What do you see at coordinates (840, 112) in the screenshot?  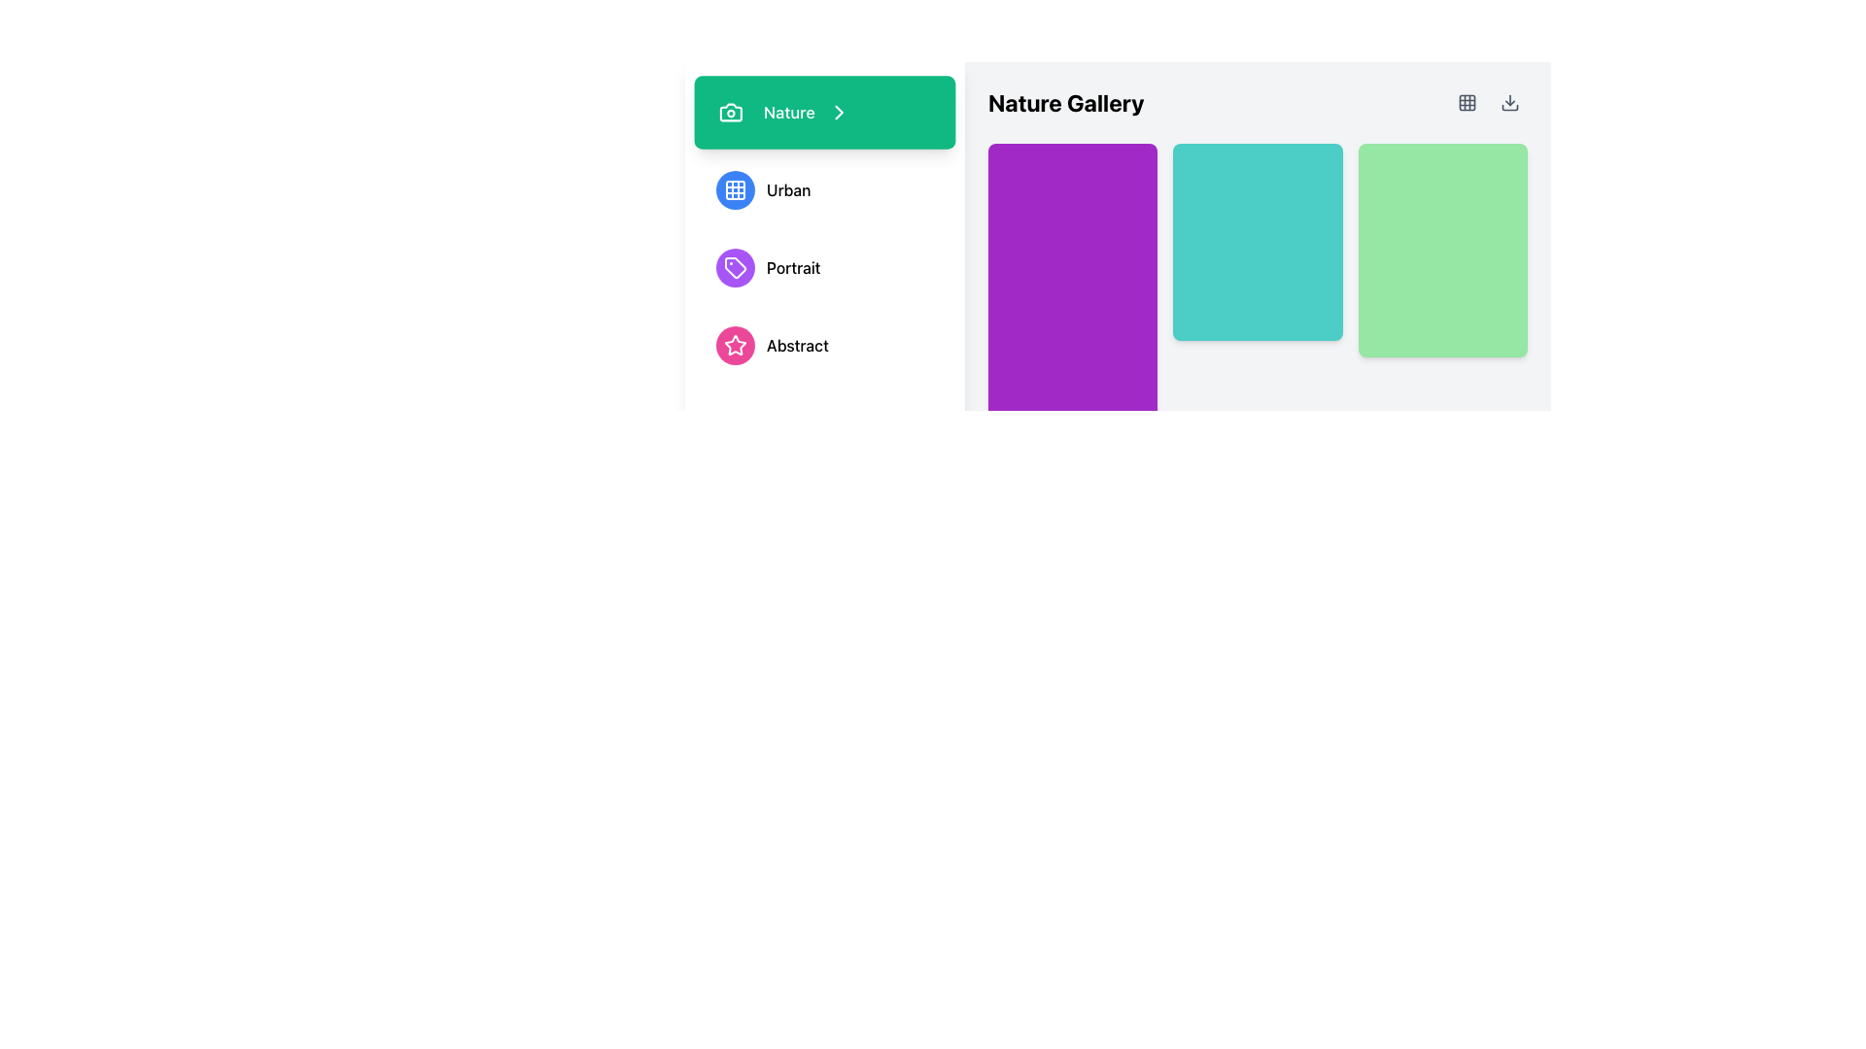 I see `the chevron icon at the far-right margin of the 'Nature' button, which indicates navigation to a sub-menu or page` at bounding box center [840, 112].